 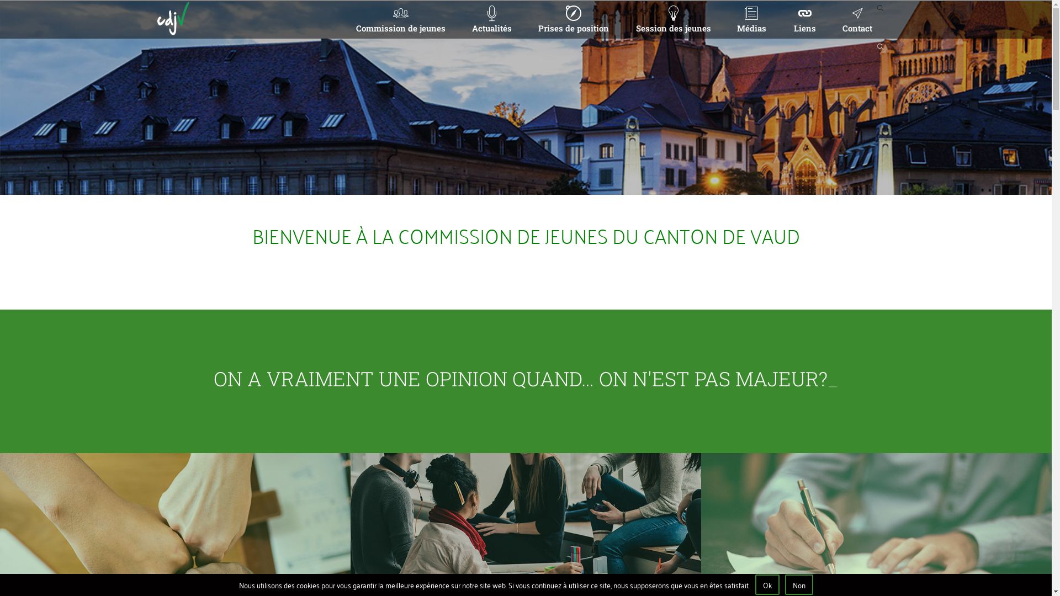 What do you see at coordinates (755, 584) in the screenshot?
I see `'Ok'` at bounding box center [755, 584].